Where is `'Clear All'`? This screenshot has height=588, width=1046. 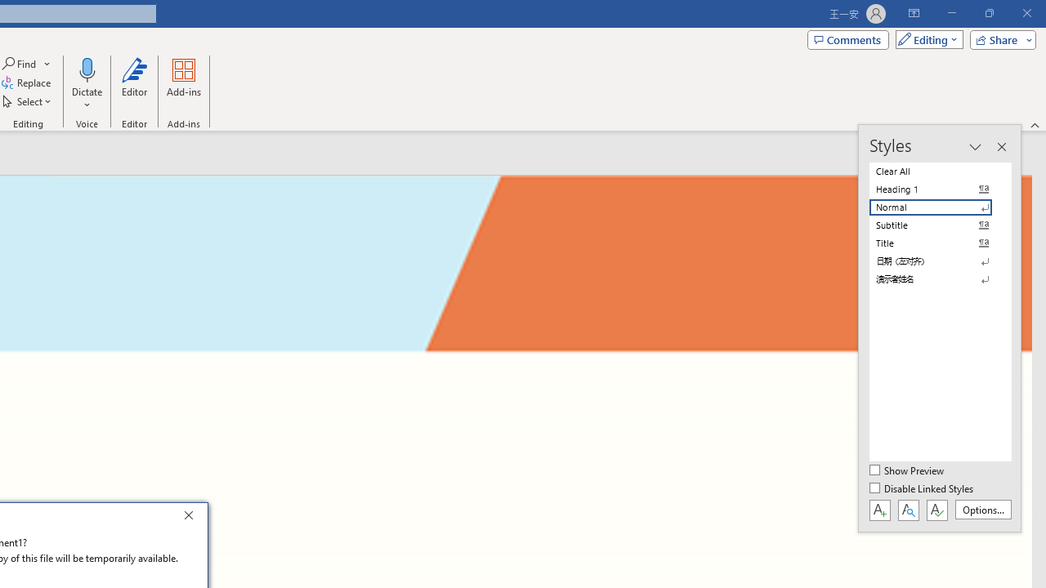 'Clear All' is located at coordinates (940, 171).